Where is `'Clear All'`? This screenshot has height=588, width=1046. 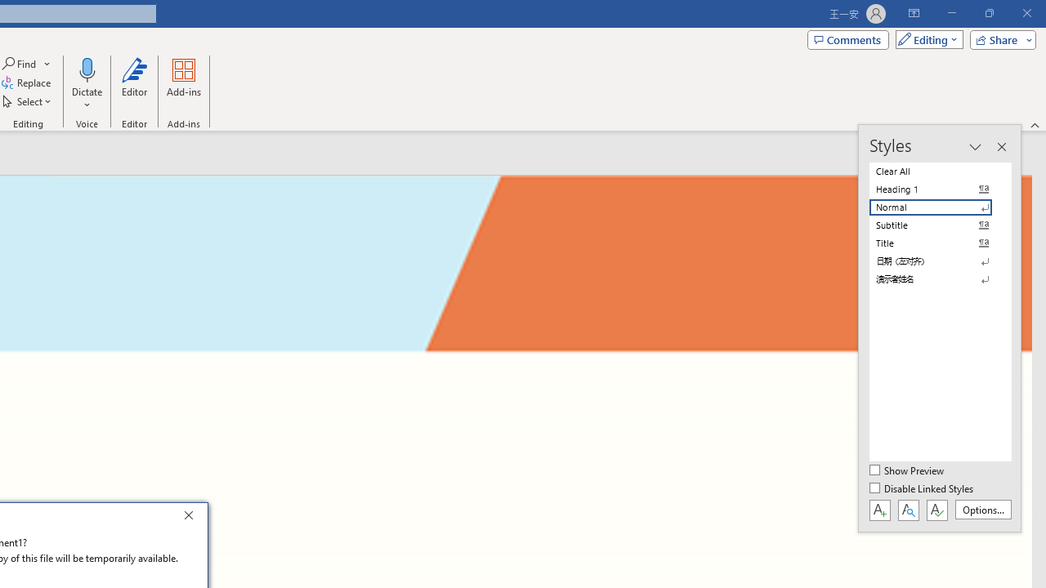 'Clear All' is located at coordinates (940, 171).